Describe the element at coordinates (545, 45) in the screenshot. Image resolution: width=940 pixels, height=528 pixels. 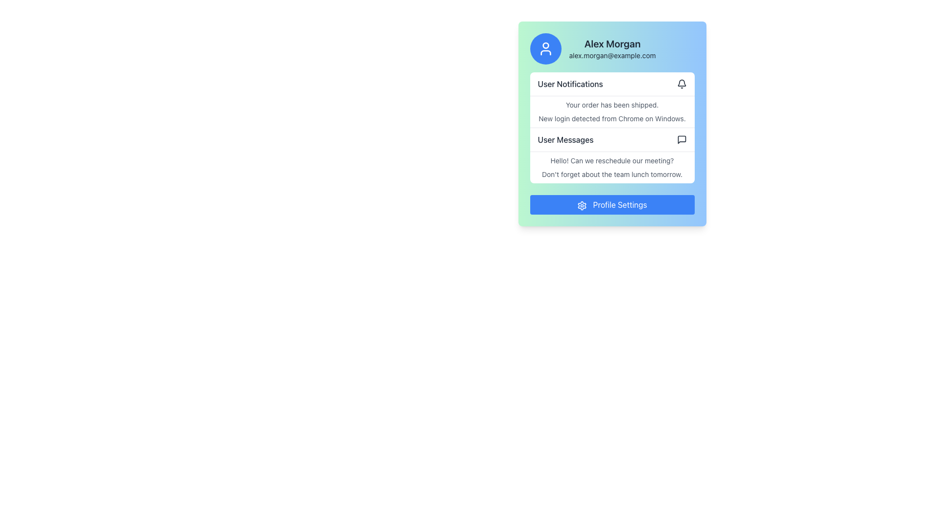
I see `circular graphical element within the user icon avatar located at the top left of the card for debugging purposes` at that location.